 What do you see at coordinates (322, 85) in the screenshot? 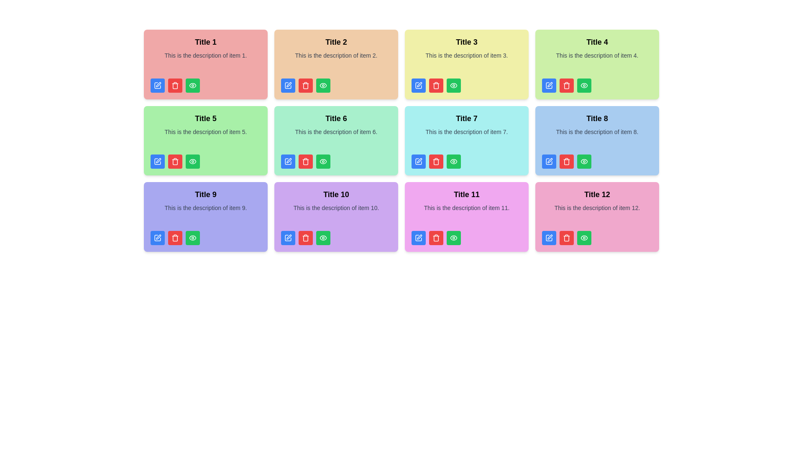
I see `the third button in the row of buttons within the 'Title 2' card on the second card of the top row` at bounding box center [322, 85].